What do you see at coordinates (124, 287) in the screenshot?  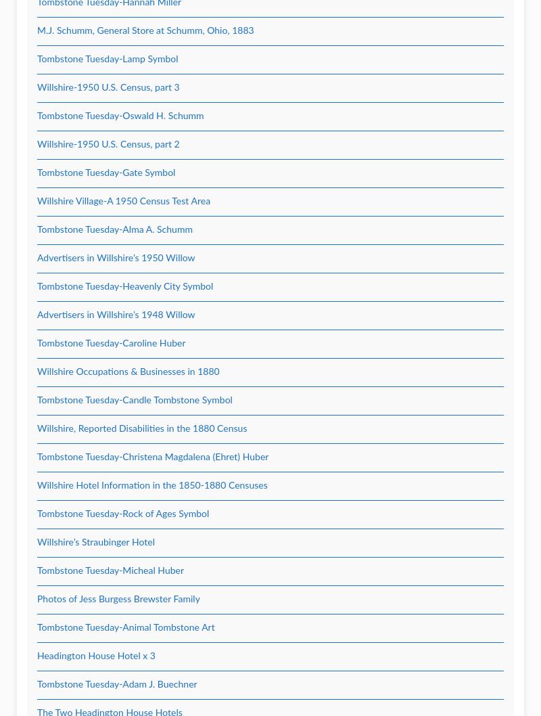 I see `'Tombstone Tuesday-Heavenly City Symbol'` at bounding box center [124, 287].